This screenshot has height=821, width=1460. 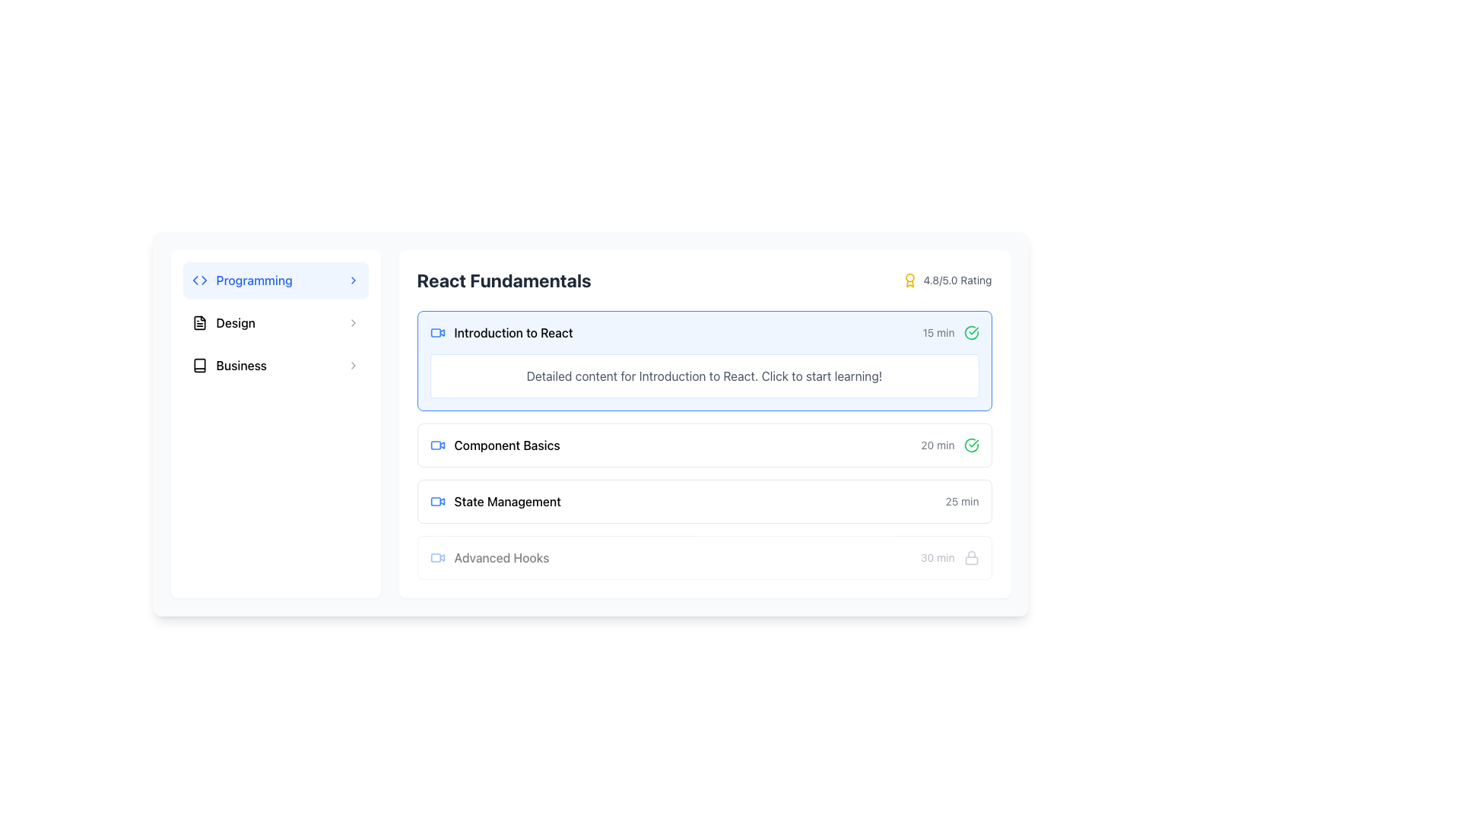 I want to click on explanatory text within the white card titled 'Introduction to React', which is located under the 'React Fundamentals' header, so click(x=703, y=376).